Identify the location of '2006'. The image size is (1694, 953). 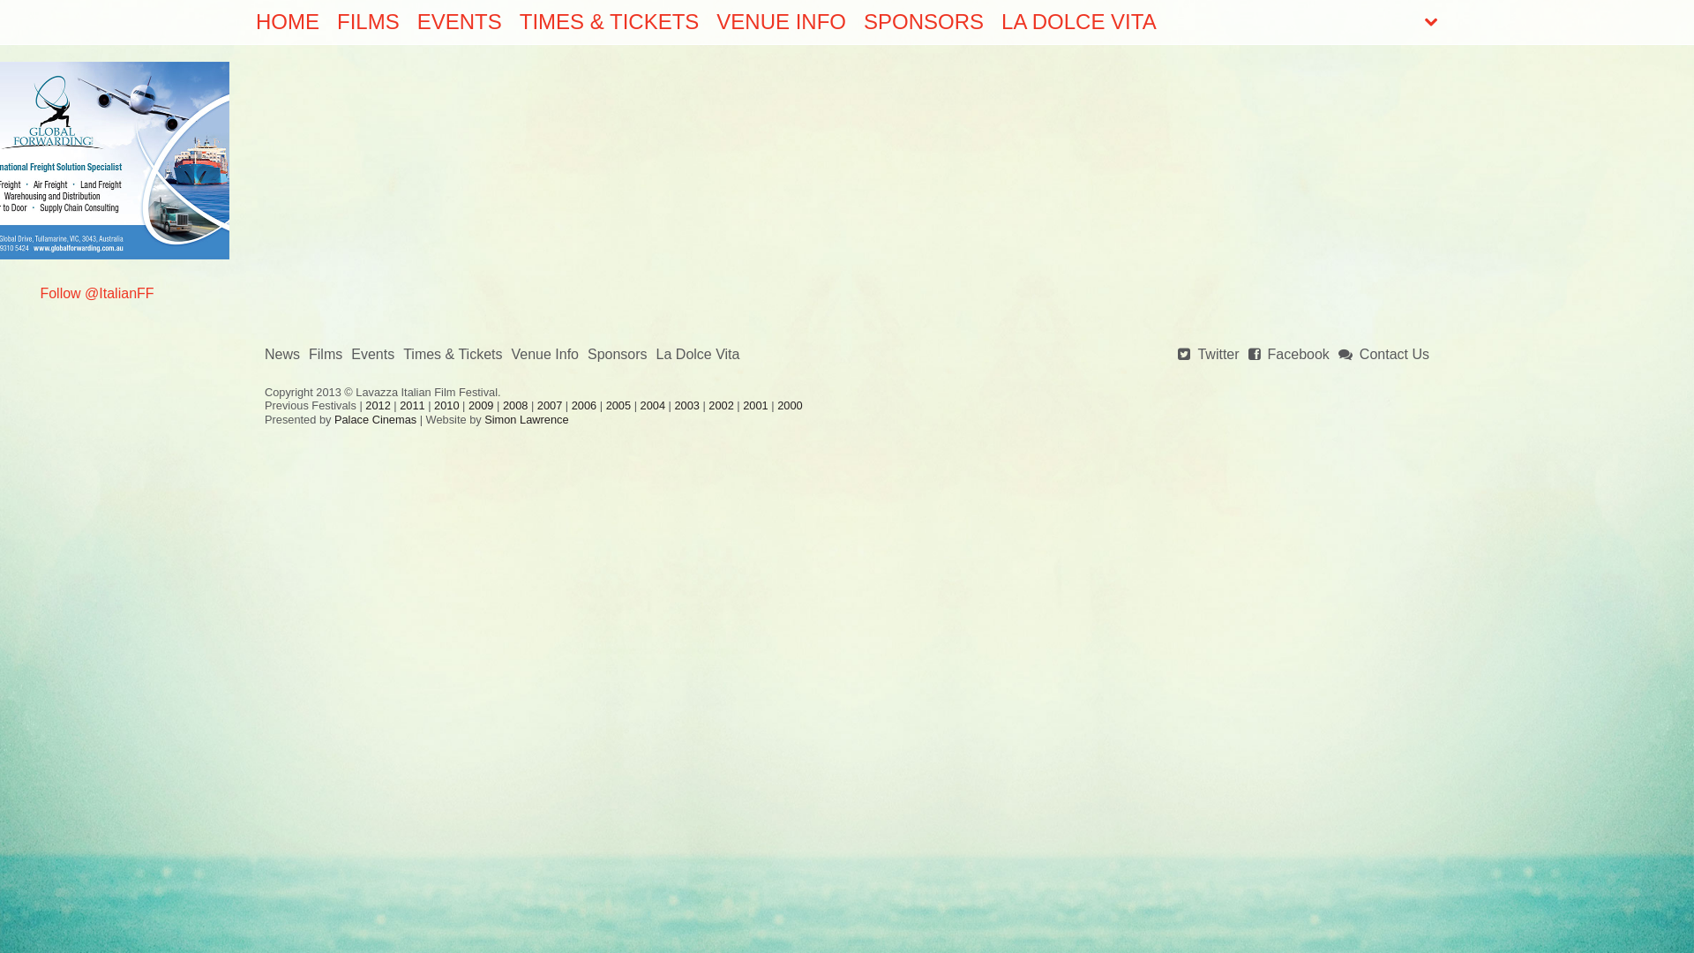
(584, 405).